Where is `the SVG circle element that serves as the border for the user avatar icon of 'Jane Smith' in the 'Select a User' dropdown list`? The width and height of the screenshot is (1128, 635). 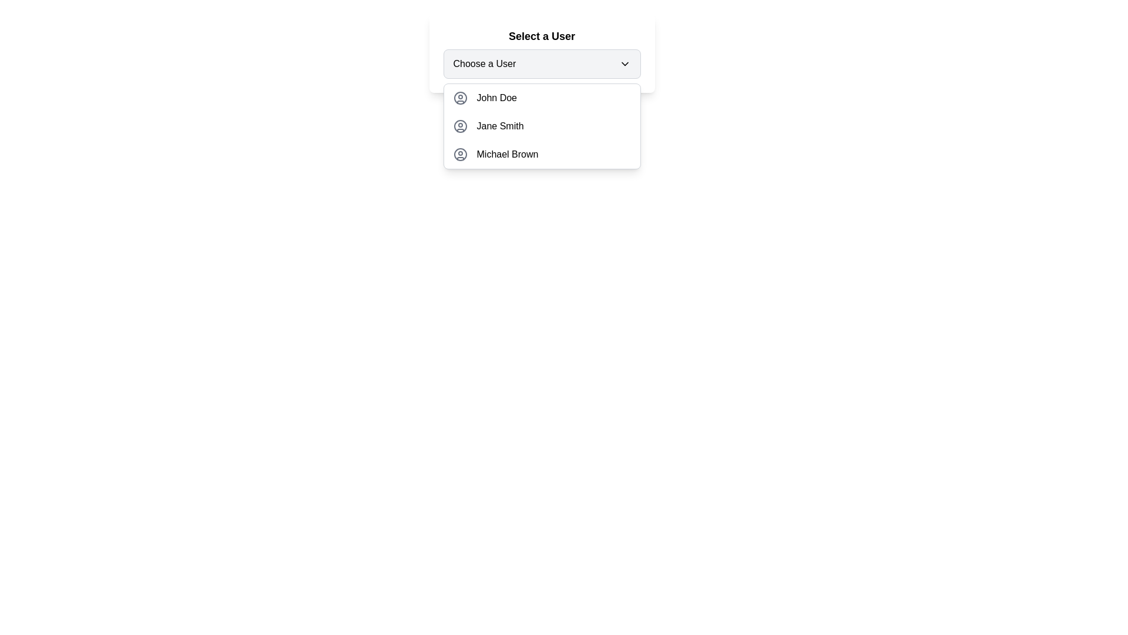 the SVG circle element that serves as the border for the user avatar icon of 'Jane Smith' in the 'Select a User' dropdown list is located at coordinates (459, 126).